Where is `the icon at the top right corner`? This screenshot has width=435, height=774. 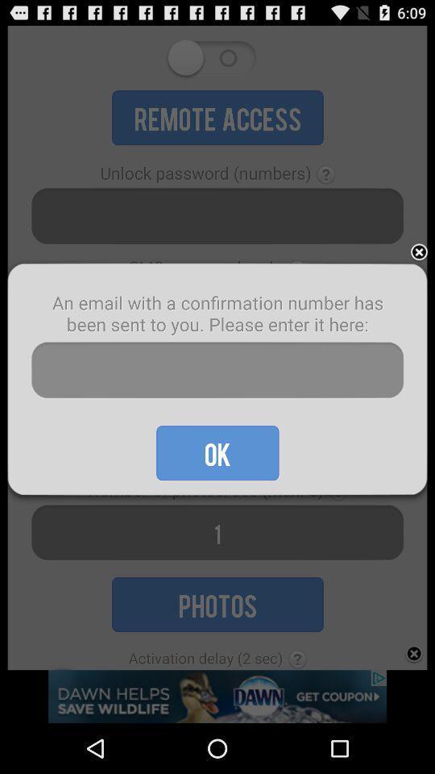
the icon at the top right corner is located at coordinates (419, 252).